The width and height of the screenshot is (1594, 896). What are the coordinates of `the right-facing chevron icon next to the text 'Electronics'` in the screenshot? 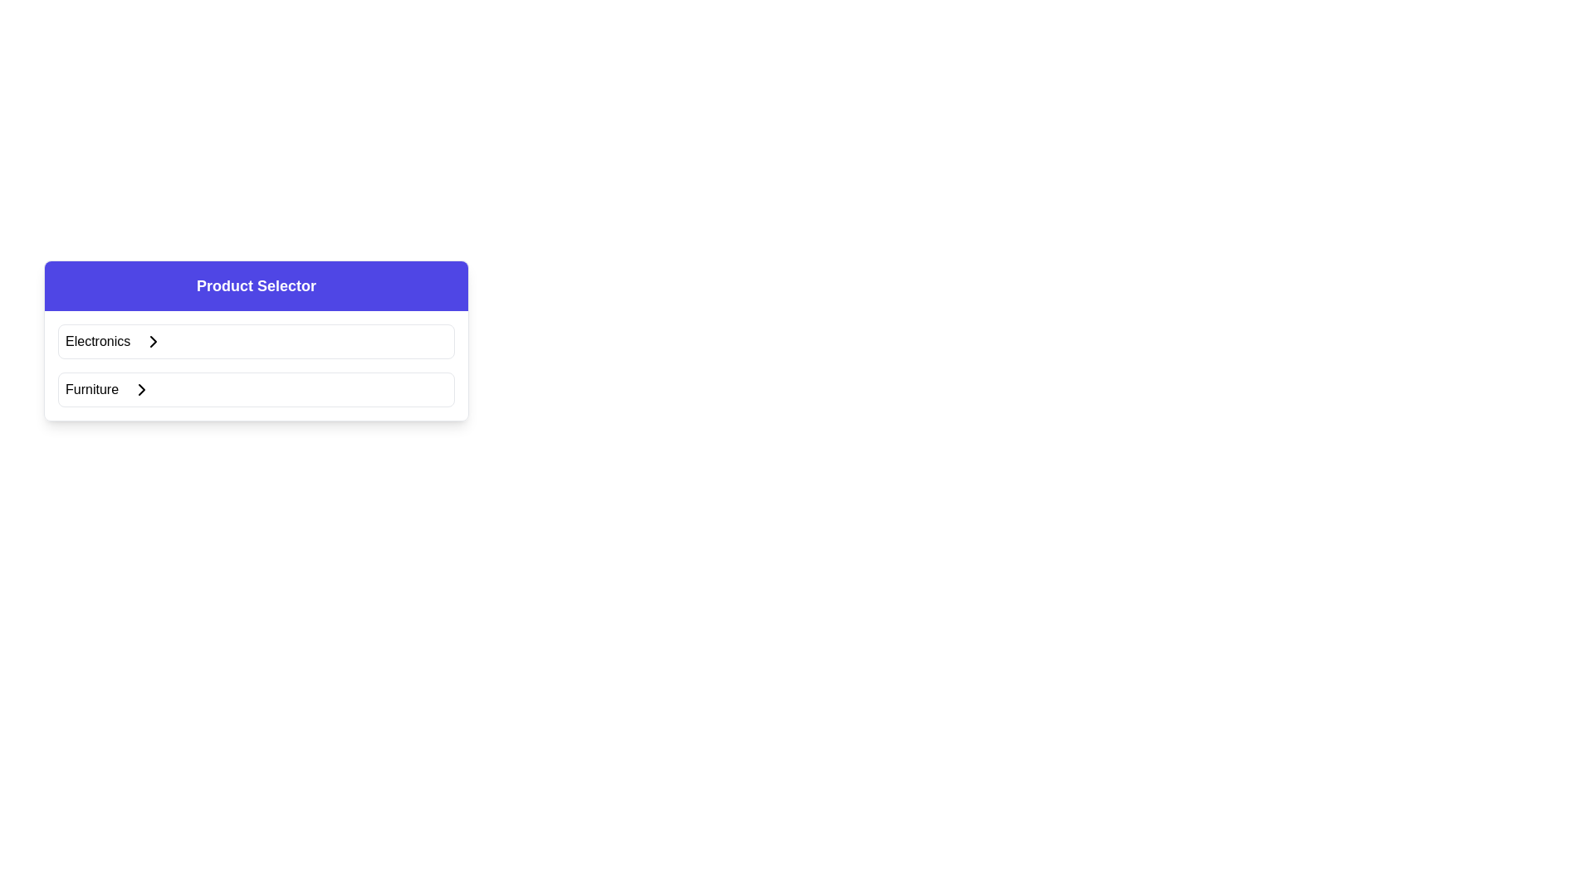 It's located at (154, 341).